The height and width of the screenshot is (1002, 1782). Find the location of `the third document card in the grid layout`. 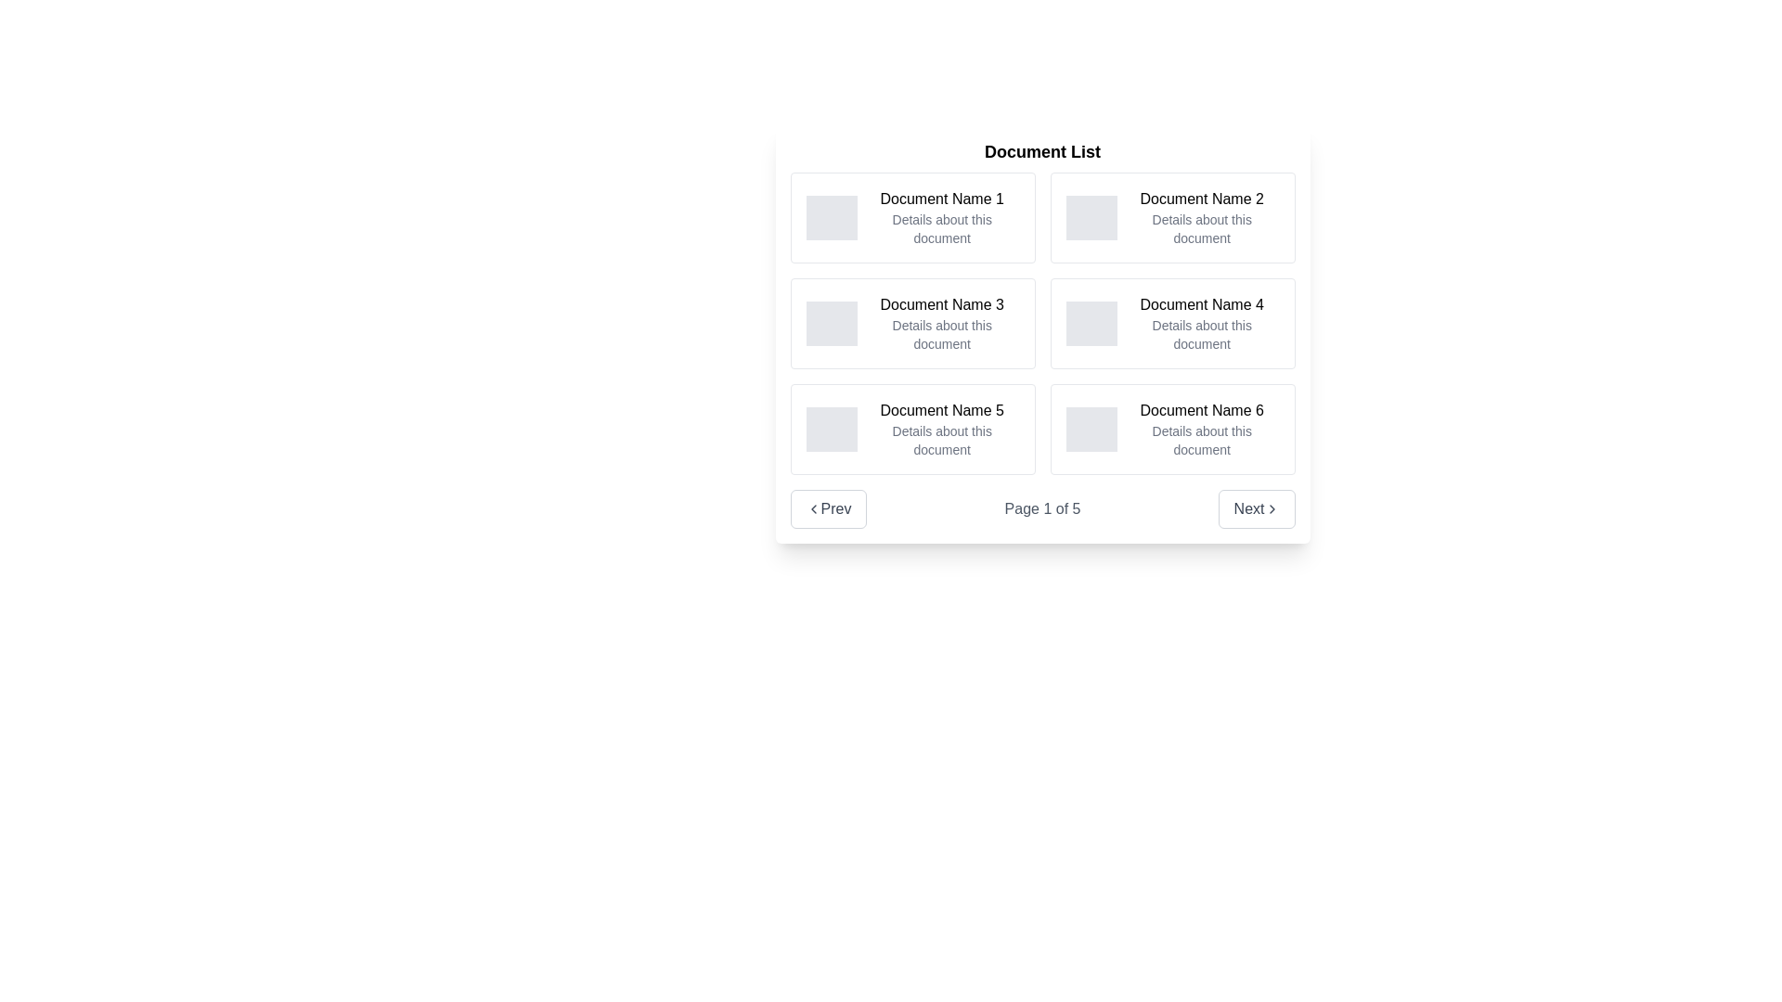

the third document card in the grid layout is located at coordinates (912, 322).